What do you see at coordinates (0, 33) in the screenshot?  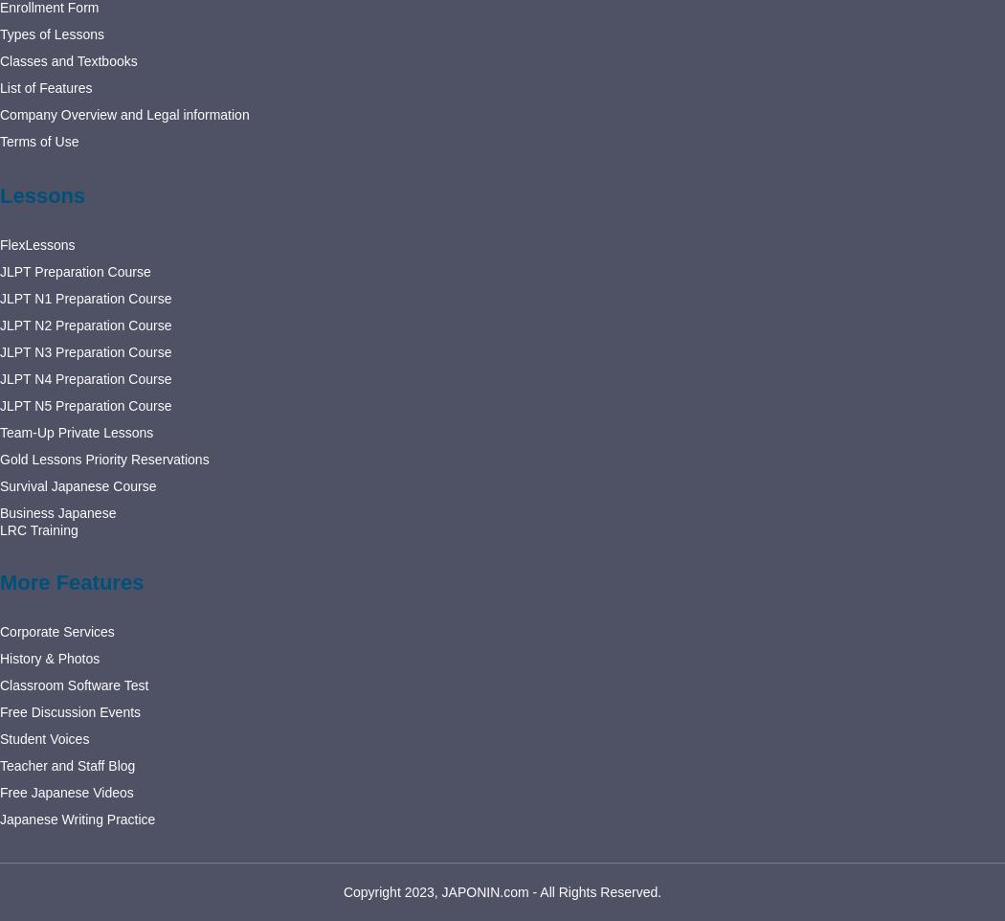 I see `'Types of Lessons'` at bounding box center [0, 33].